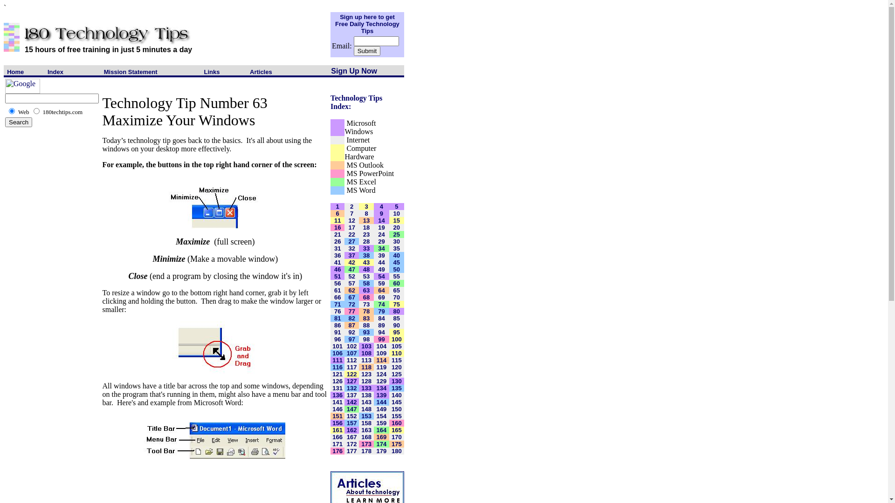  What do you see at coordinates (337, 359) in the screenshot?
I see `'111'` at bounding box center [337, 359].